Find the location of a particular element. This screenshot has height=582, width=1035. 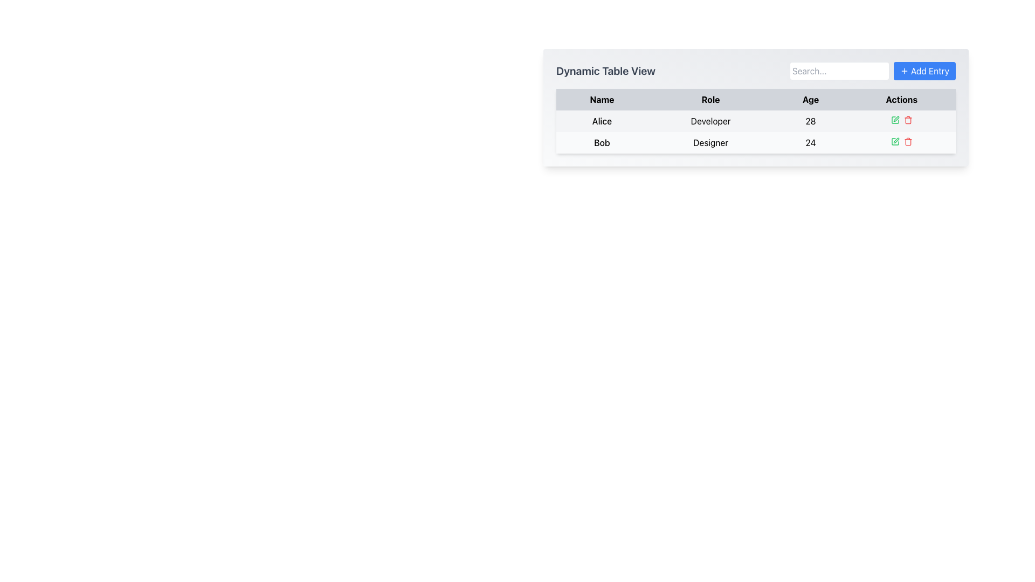

the static text label representing the name 'Alice' in the first row of the table under the 'Name' column is located at coordinates (601, 121).